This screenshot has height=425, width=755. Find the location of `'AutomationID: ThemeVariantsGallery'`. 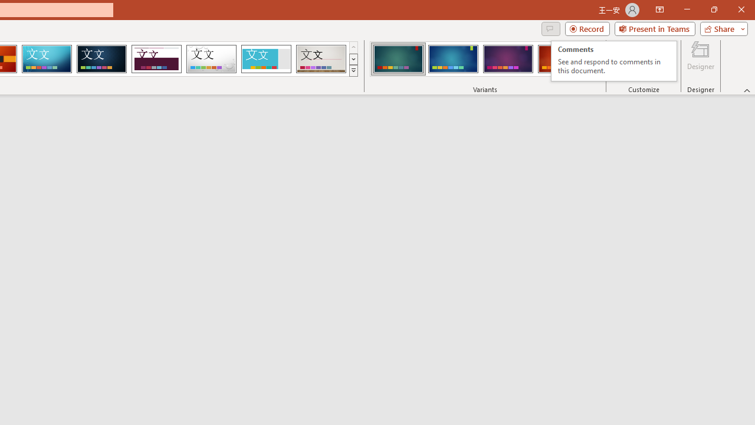

'AutomationID: ThemeVariantsGallery' is located at coordinates (485, 59).